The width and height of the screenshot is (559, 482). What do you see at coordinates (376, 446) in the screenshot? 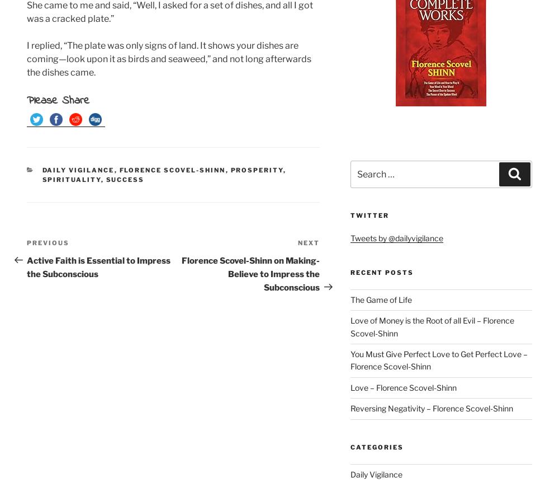
I see `'Categories'` at bounding box center [376, 446].